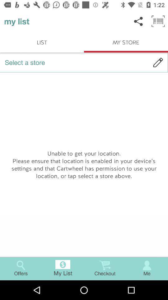 The height and width of the screenshot is (300, 168). Describe the element at coordinates (84, 62) in the screenshot. I see `item below list item` at that location.